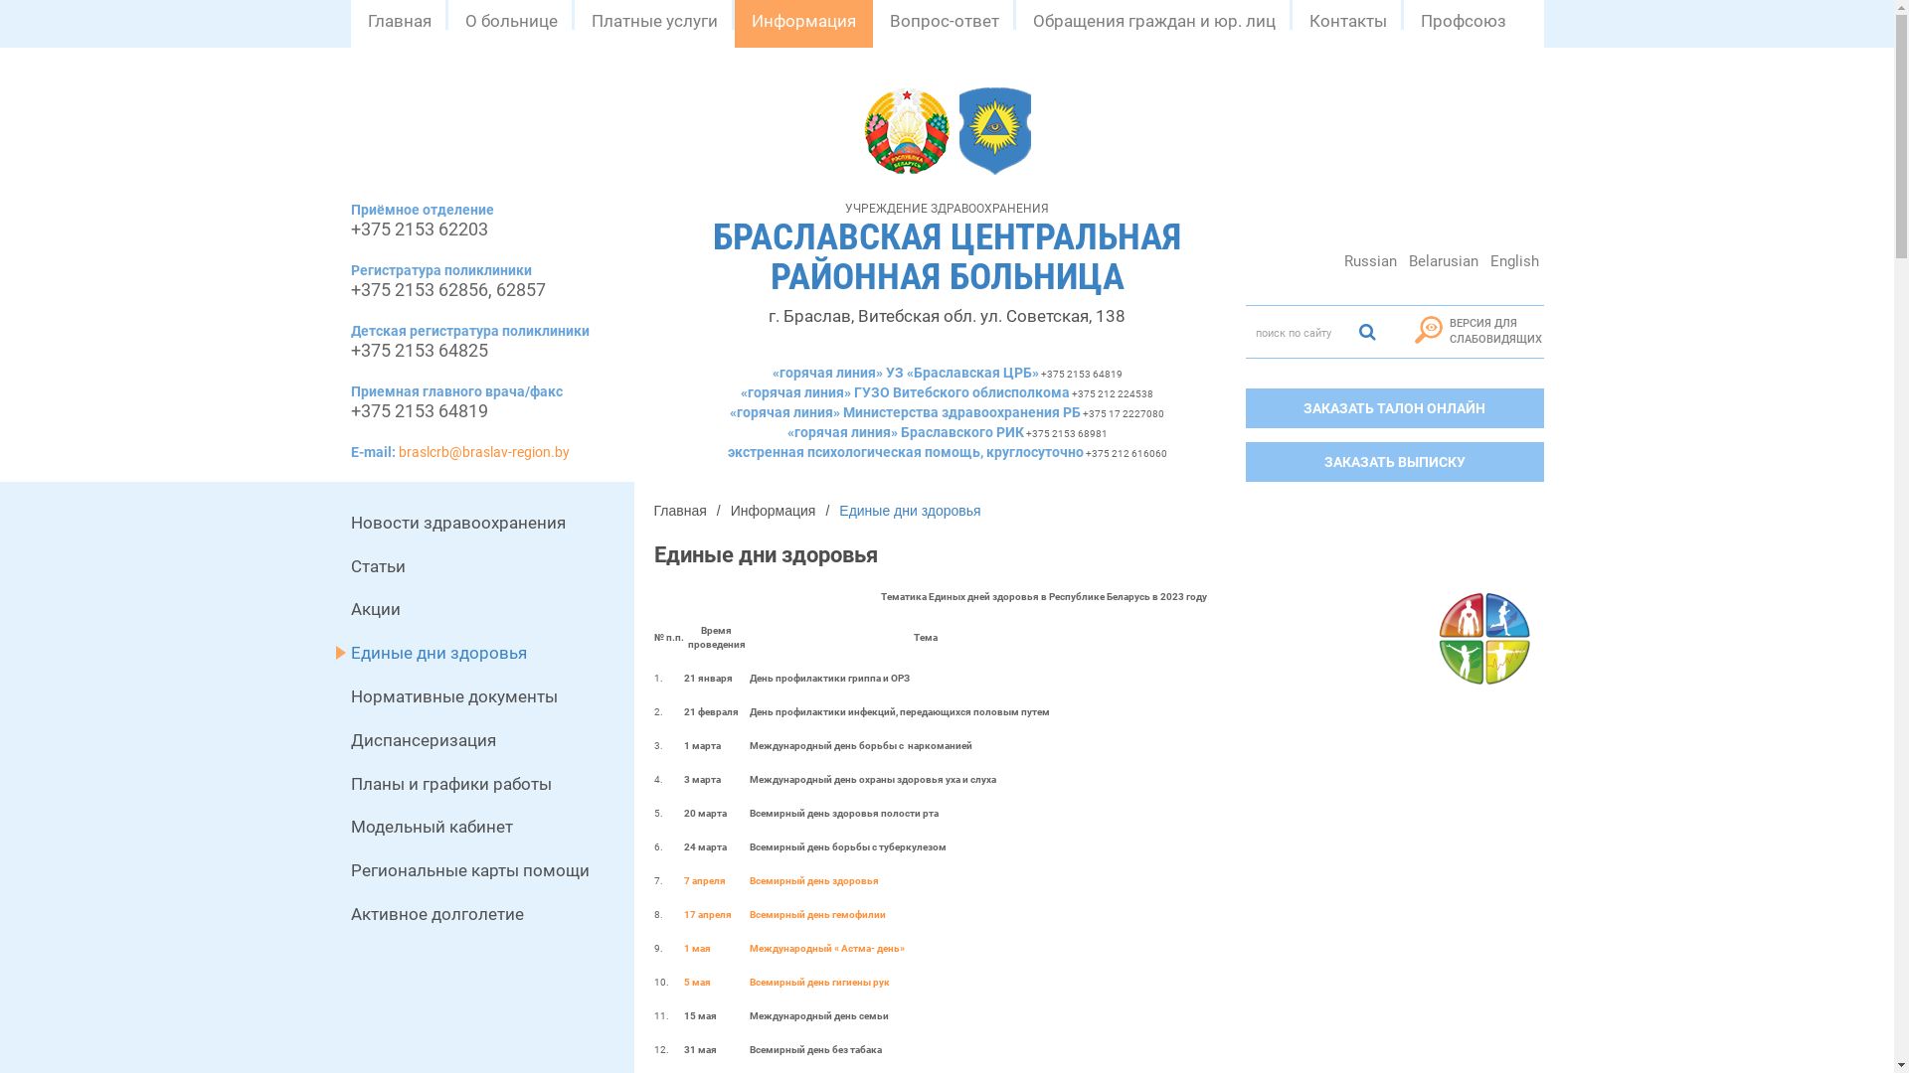 This screenshot has width=1909, height=1073. What do you see at coordinates (1368, 259) in the screenshot?
I see `'Russian'` at bounding box center [1368, 259].